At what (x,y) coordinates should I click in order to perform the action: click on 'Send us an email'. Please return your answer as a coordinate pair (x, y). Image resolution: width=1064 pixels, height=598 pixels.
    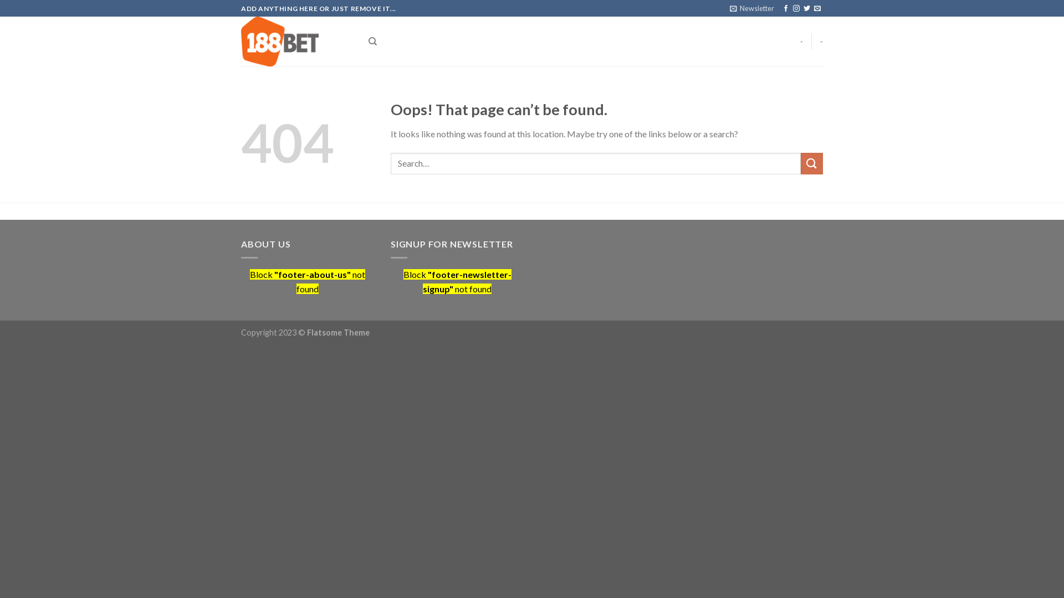
    Looking at the image, I should click on (814, 8).